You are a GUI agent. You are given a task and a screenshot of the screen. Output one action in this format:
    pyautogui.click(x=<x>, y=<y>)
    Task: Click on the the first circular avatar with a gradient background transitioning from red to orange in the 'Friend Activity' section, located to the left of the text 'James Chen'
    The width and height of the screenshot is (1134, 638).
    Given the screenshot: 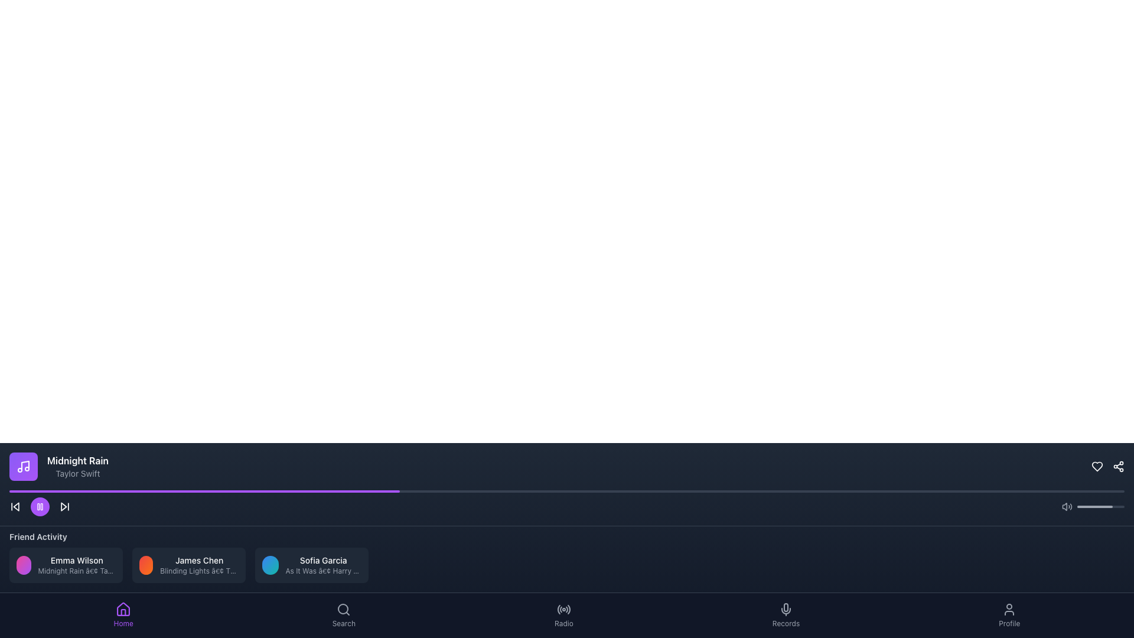 What is the action you would take?
    pyautogui.click(x=145, y=564)
    